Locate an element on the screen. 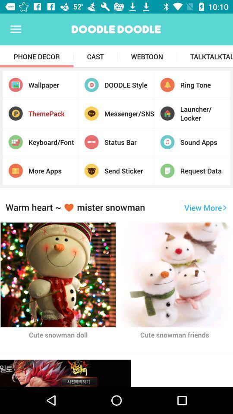 This screenshot has width=233, height=414. item next to warm heart mister item is located at coordinates (205, 207).